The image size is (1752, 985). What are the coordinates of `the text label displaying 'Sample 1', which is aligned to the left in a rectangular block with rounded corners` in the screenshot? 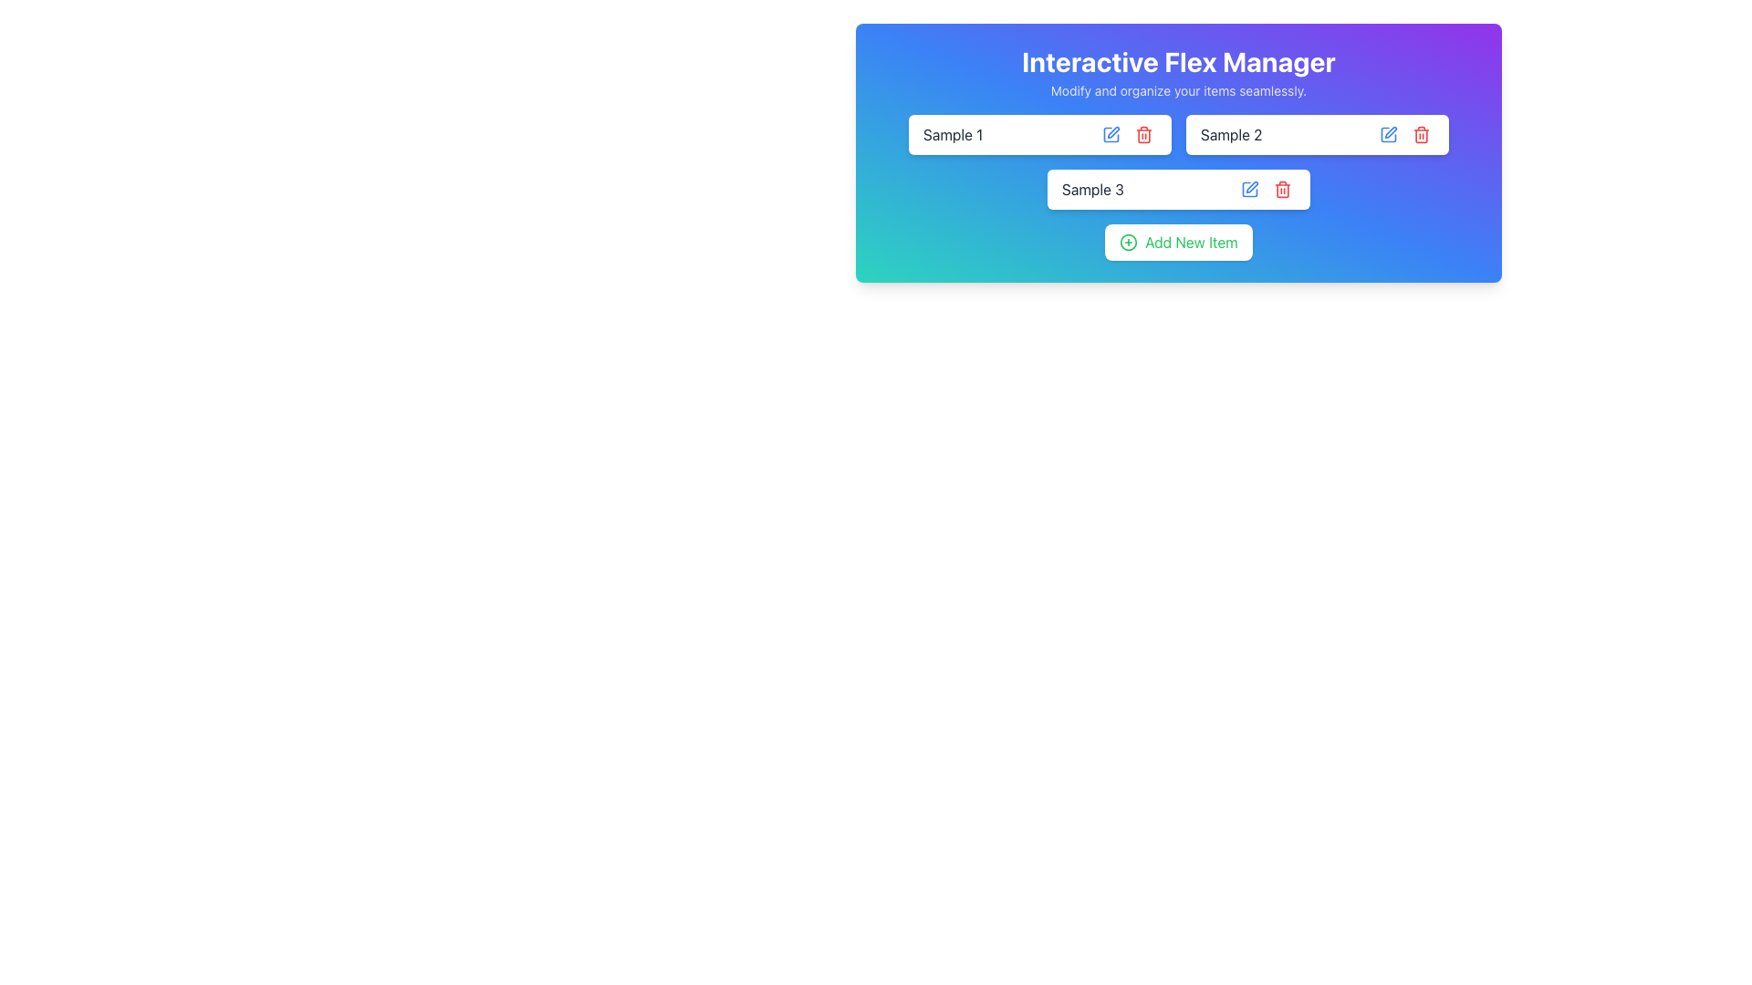 It's located at (952, 133).